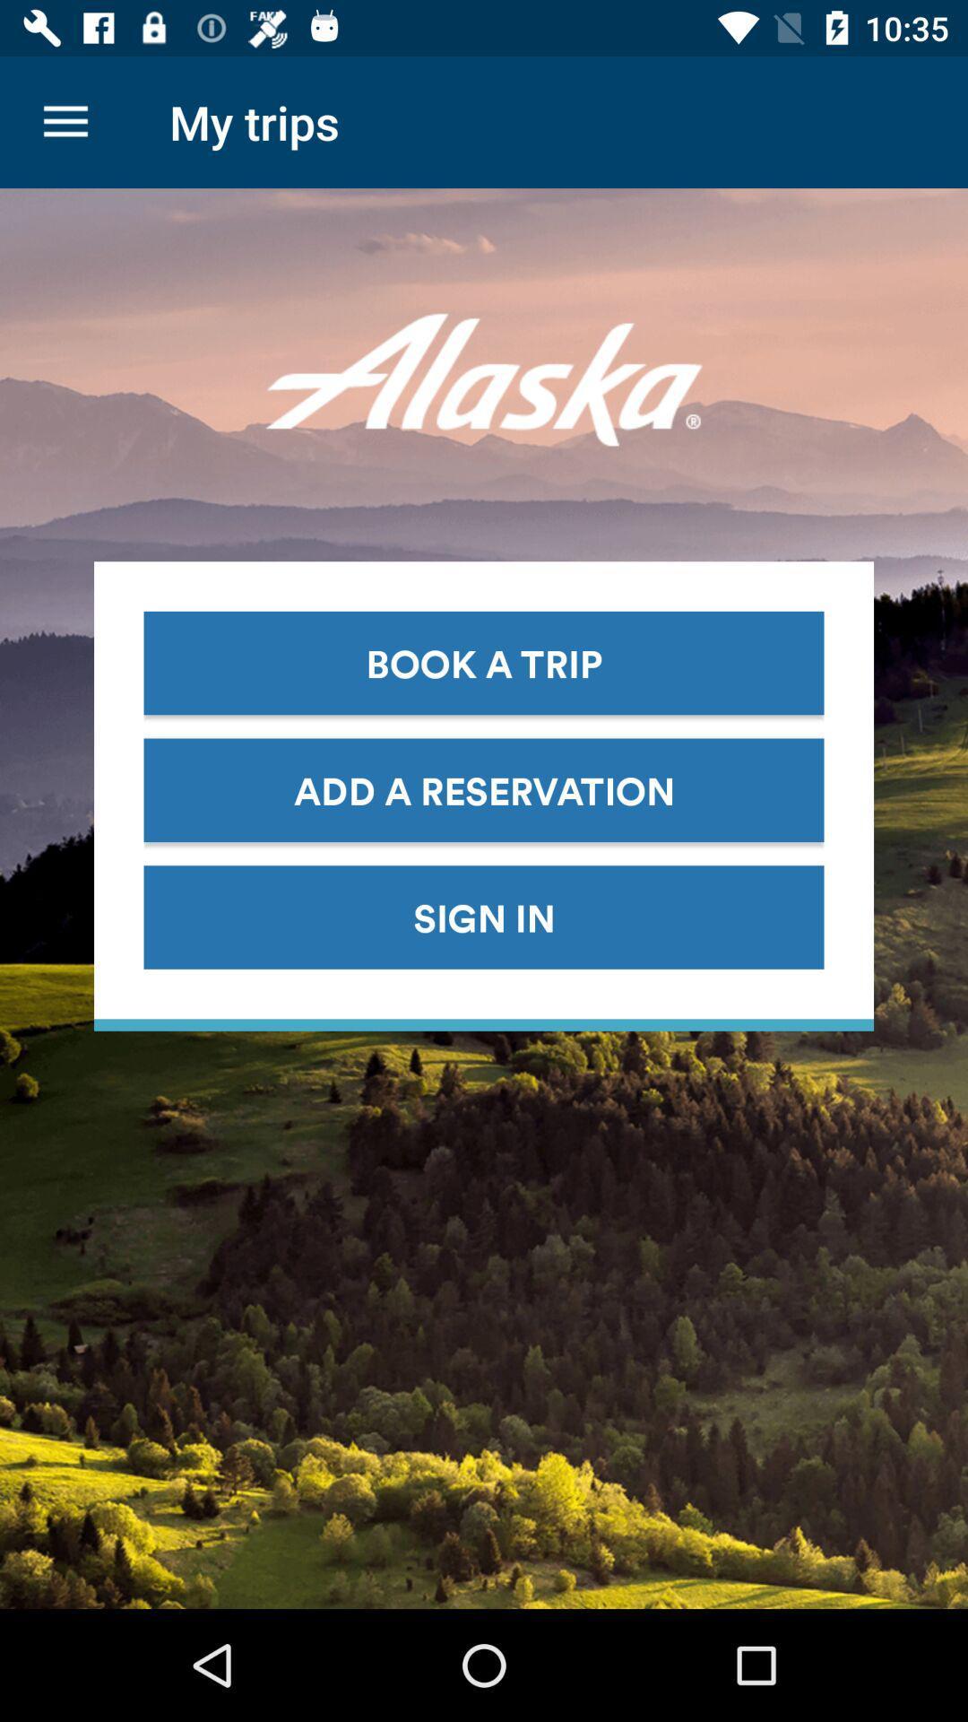 The width and height of the screenshot is (968, 1722). I want to click on item below book a trip item, so click(484, 789).